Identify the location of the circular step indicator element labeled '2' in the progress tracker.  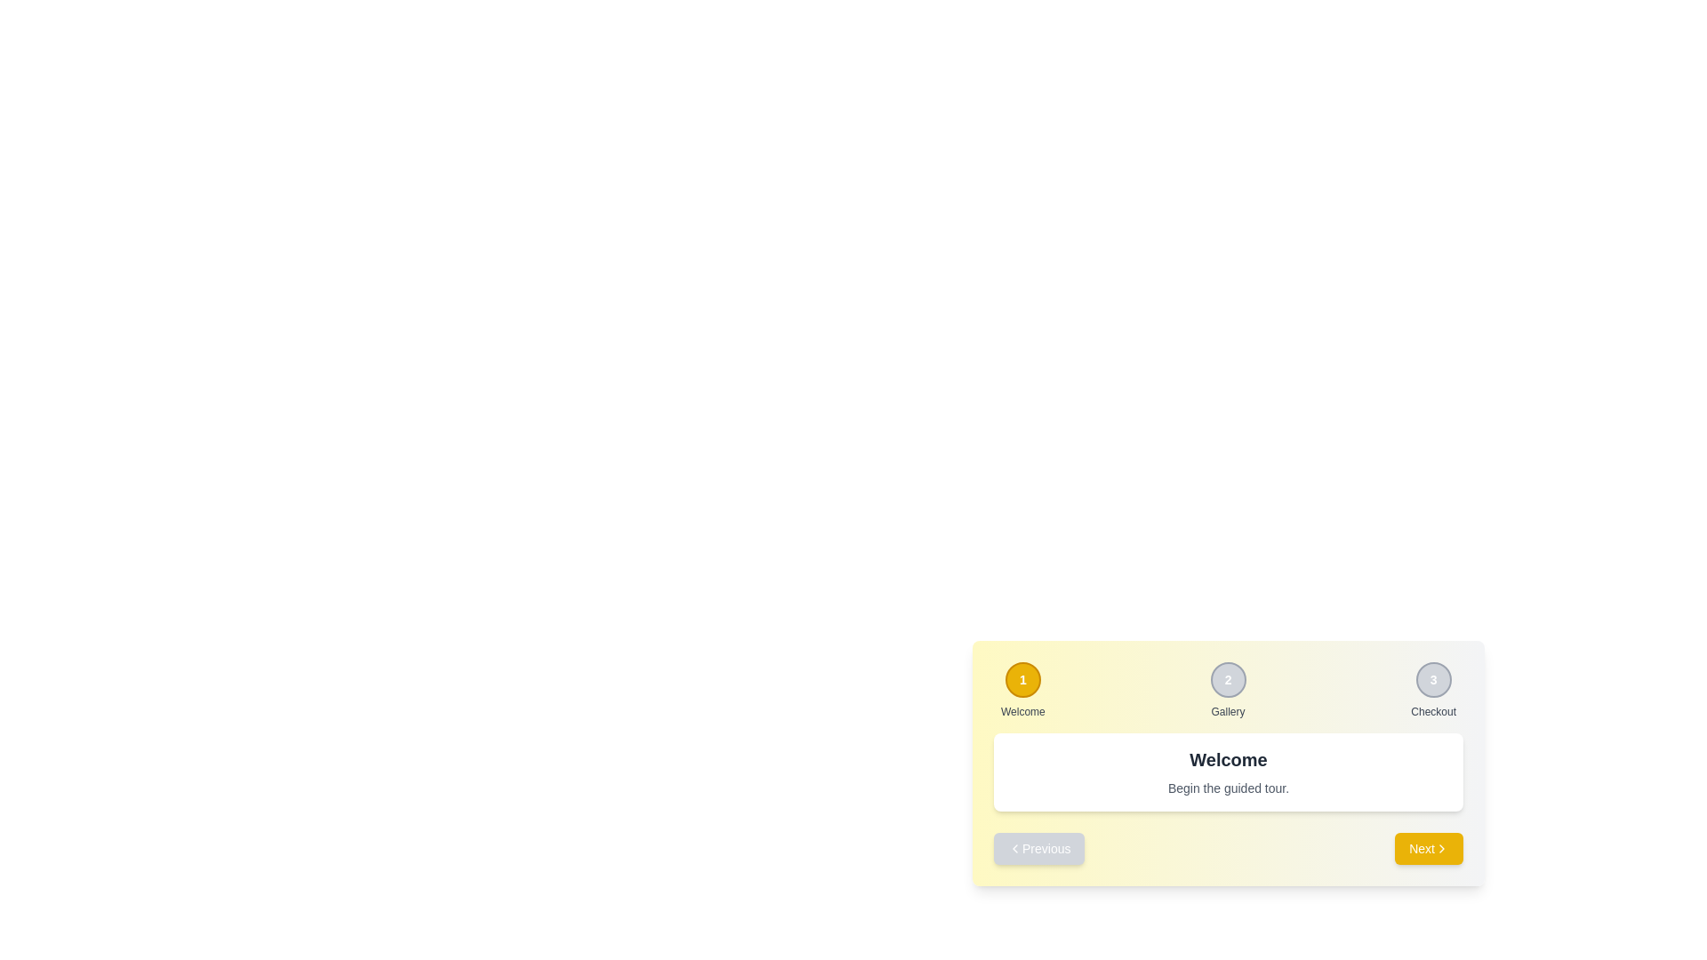
(1228, 697).